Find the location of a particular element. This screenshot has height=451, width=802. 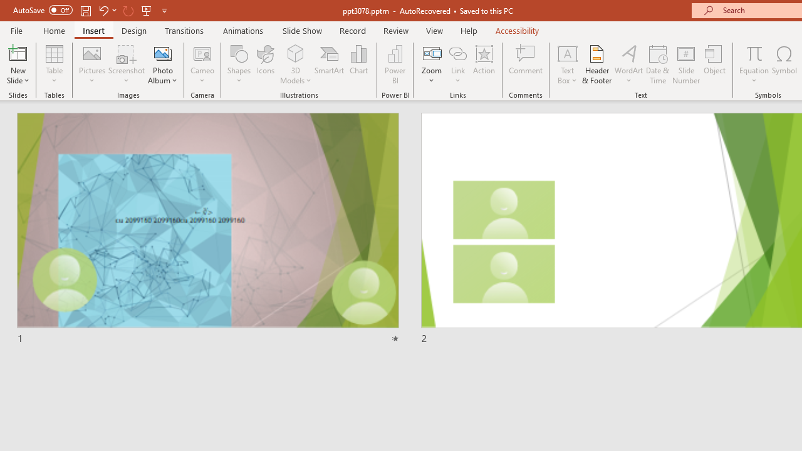

'Pictures' is located at coordinates (91, 65).